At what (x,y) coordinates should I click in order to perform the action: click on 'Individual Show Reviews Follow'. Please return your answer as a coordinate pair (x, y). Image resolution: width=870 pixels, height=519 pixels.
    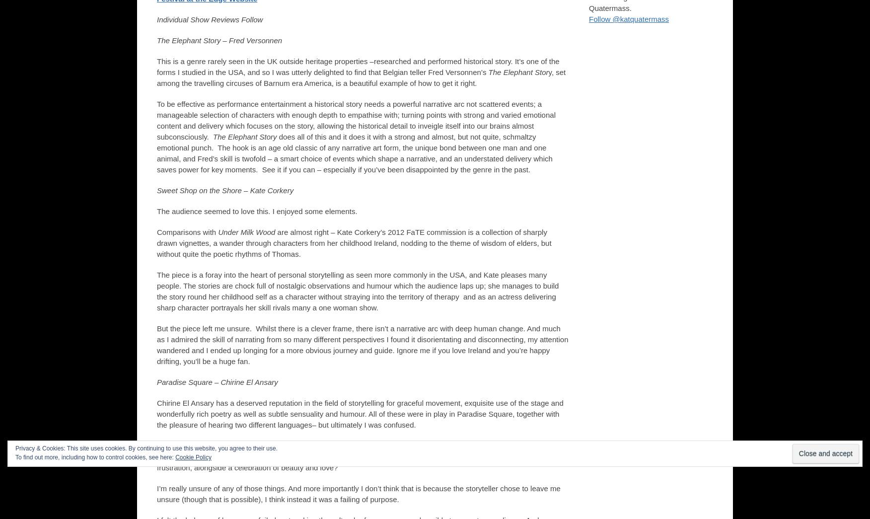
    Looking at the image, I should click on (209, 19).